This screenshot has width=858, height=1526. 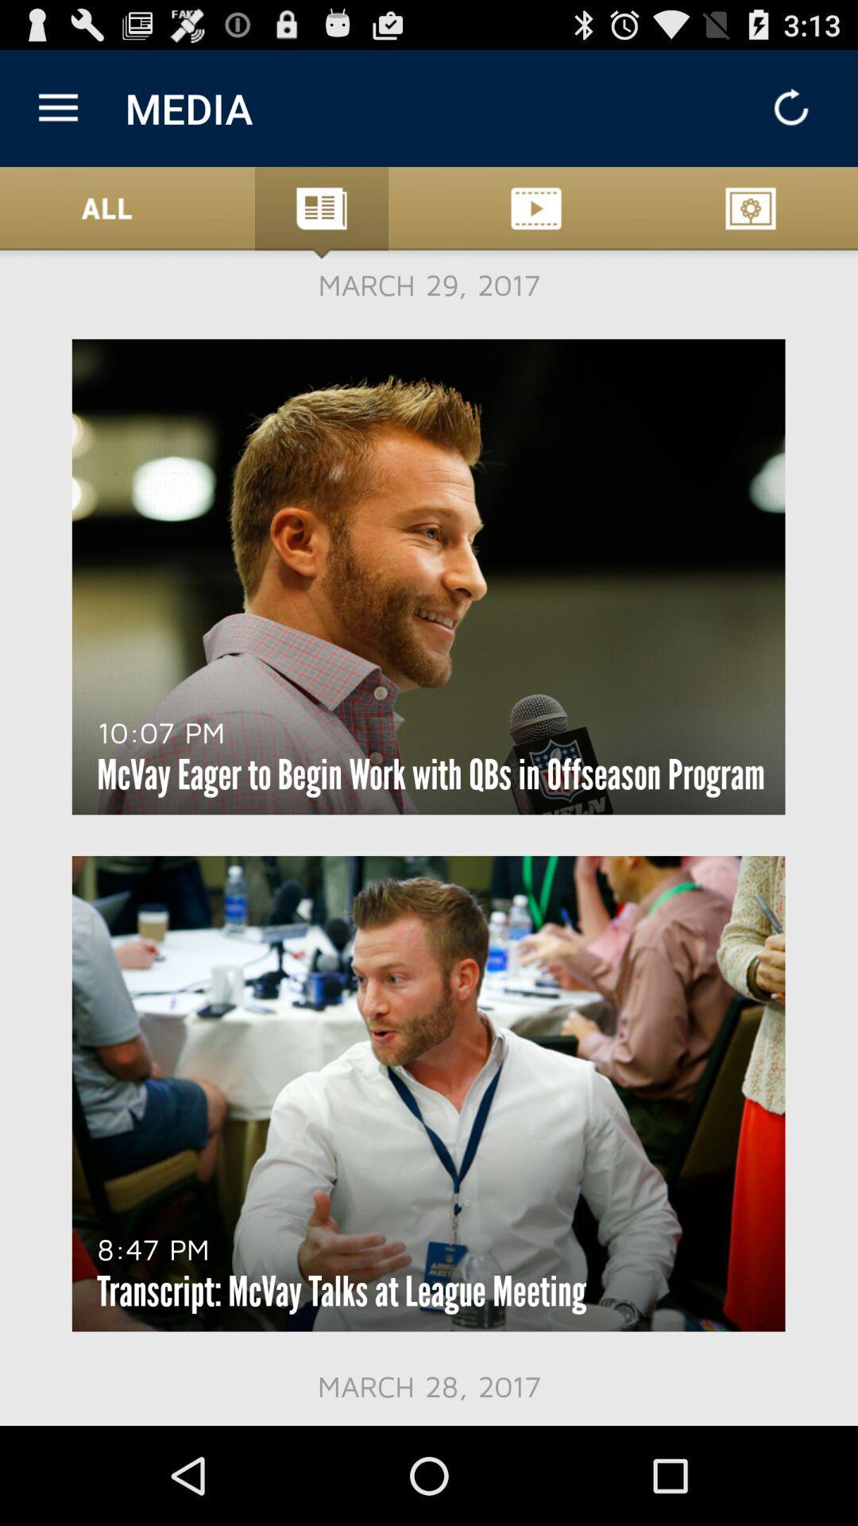 I want to click on the app to the left of media item, so click(x=57, y=107).